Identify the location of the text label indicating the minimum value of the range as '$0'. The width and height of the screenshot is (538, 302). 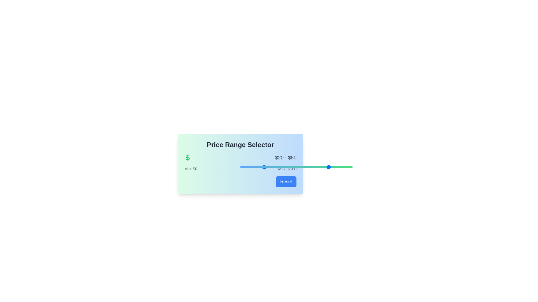
(191, 169).